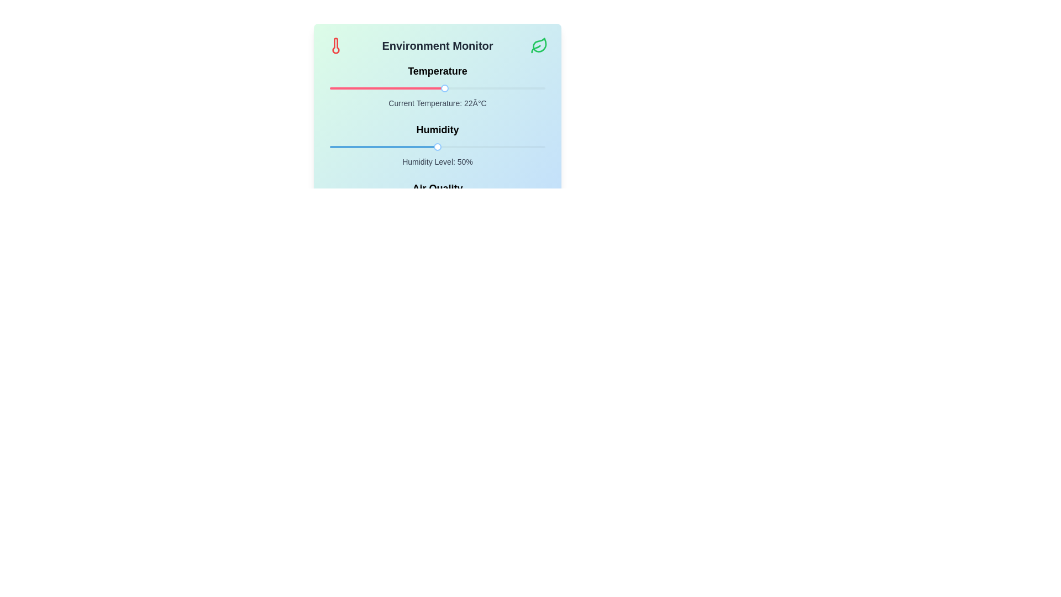  Describe the element at coordinates (489, 146) in the screenshot. I see `the humidity` at that location.